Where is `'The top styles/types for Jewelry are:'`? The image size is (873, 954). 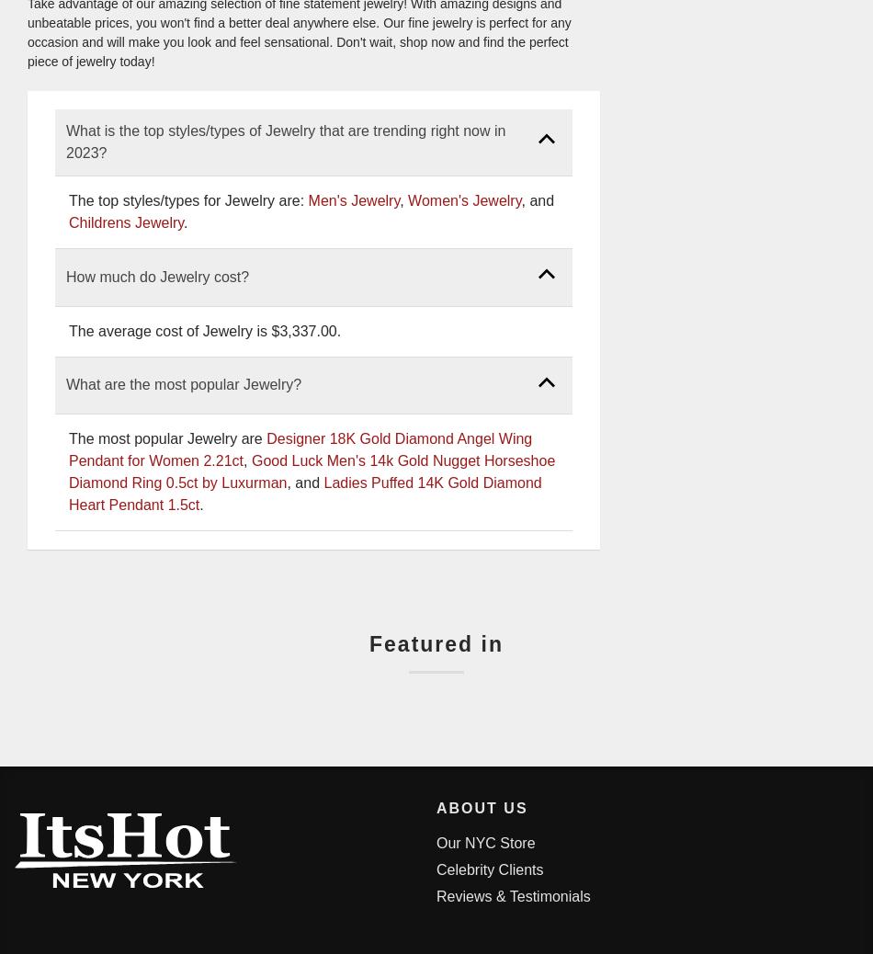 'The top styles/types for Jewelry are:' is located at coordinates (188, 199).